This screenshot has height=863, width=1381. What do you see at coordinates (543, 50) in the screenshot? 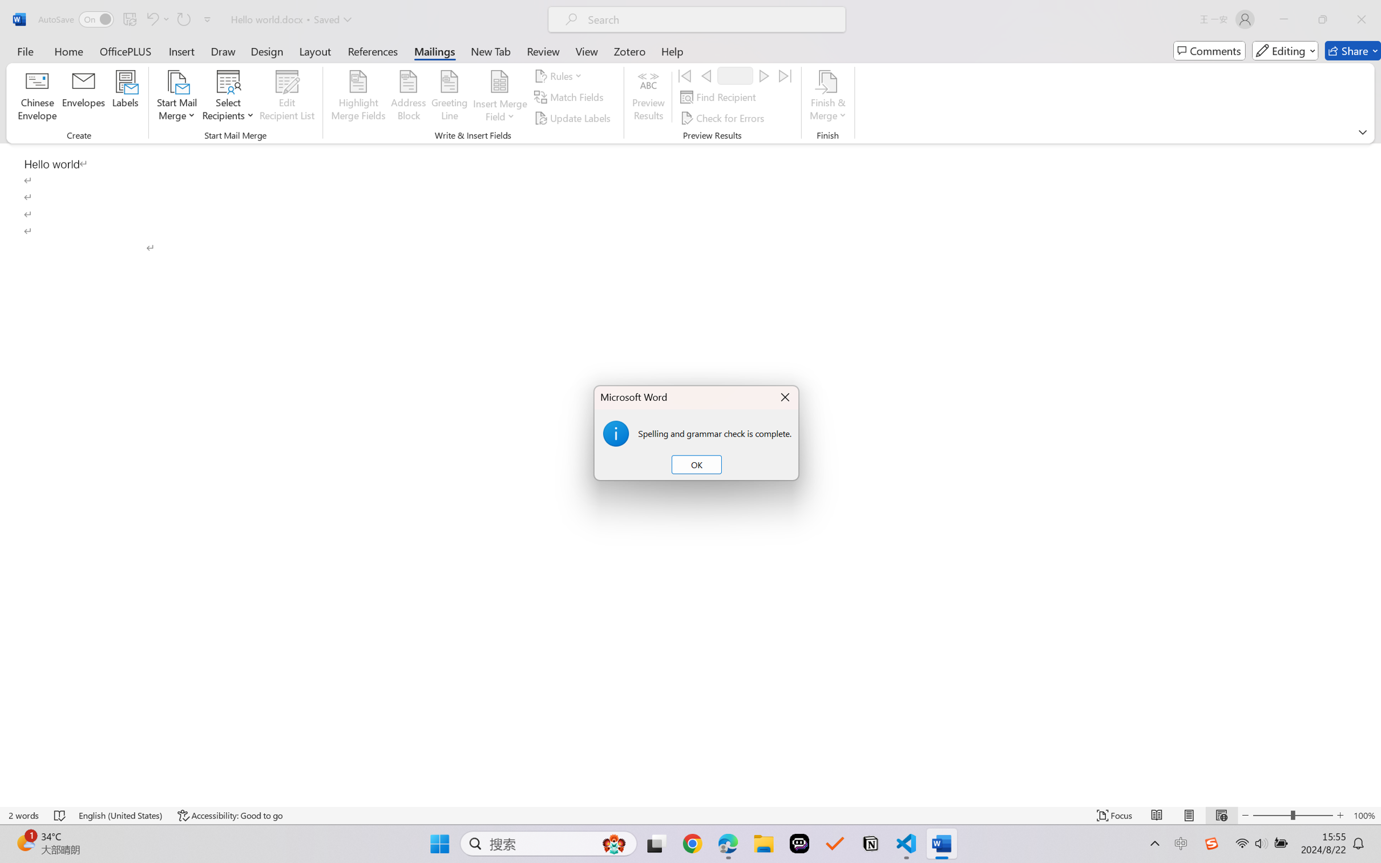
I see `'Review'` at bounding box center [543, 50].